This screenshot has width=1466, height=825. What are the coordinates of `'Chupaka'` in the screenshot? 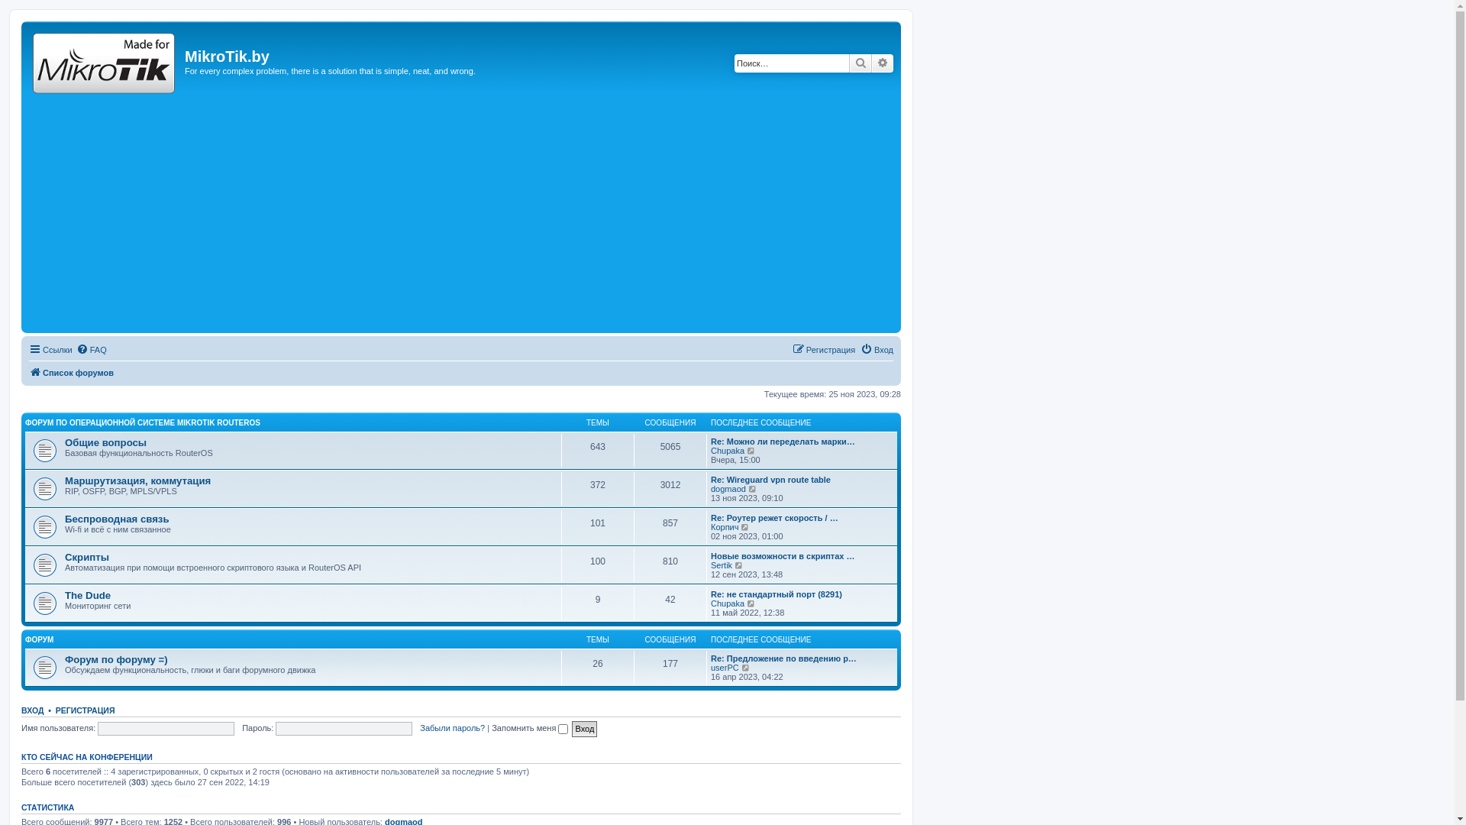 It's located at (727, 603).